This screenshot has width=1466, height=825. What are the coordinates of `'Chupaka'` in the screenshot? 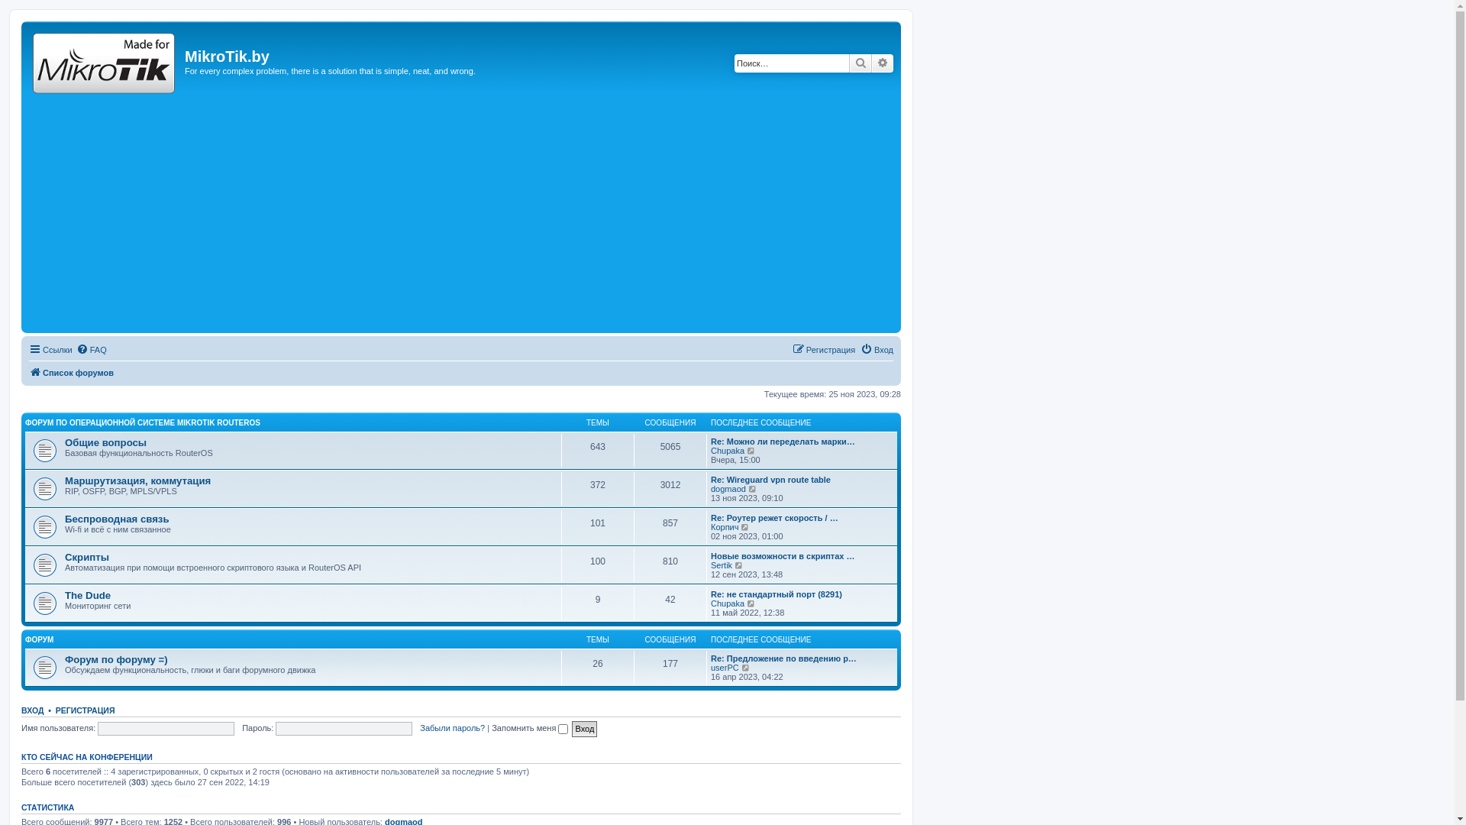 It's located at (727, 603).